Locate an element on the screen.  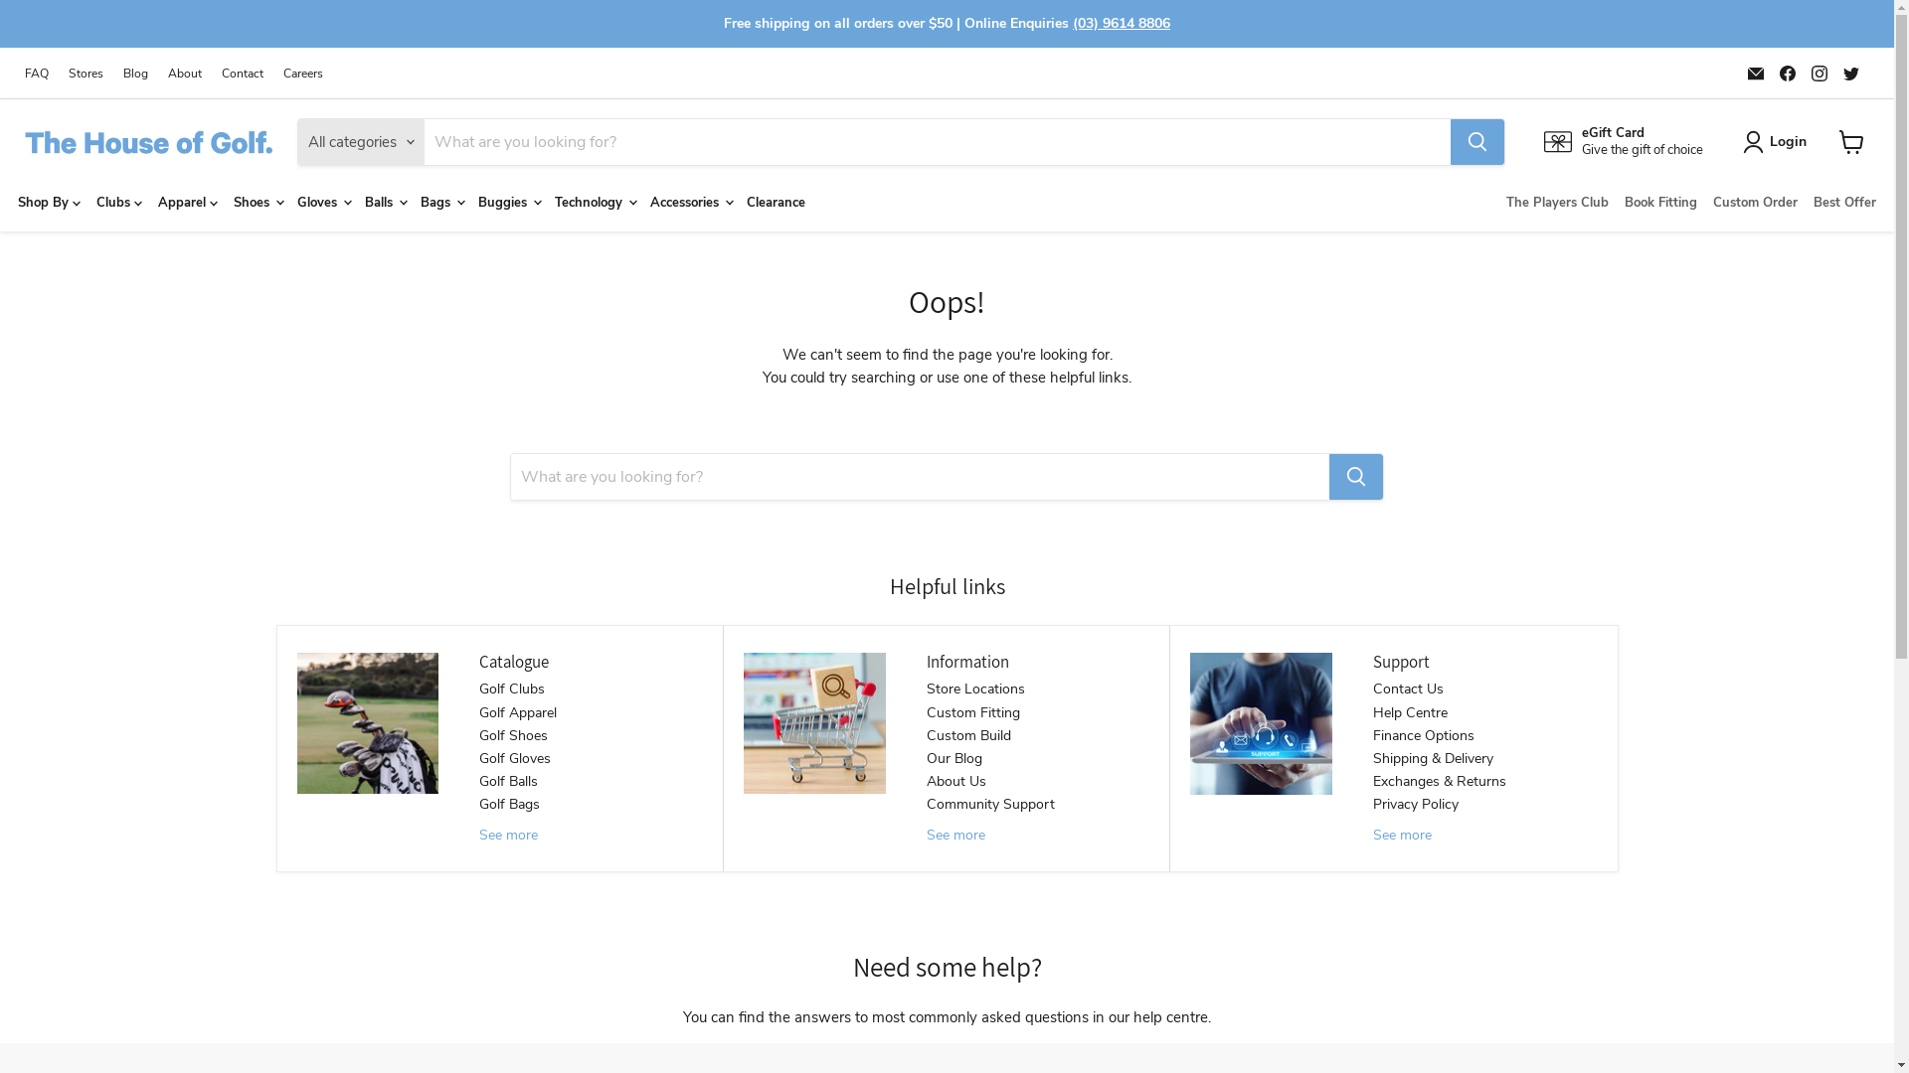
'See more' is located at coordinates (925, 835).